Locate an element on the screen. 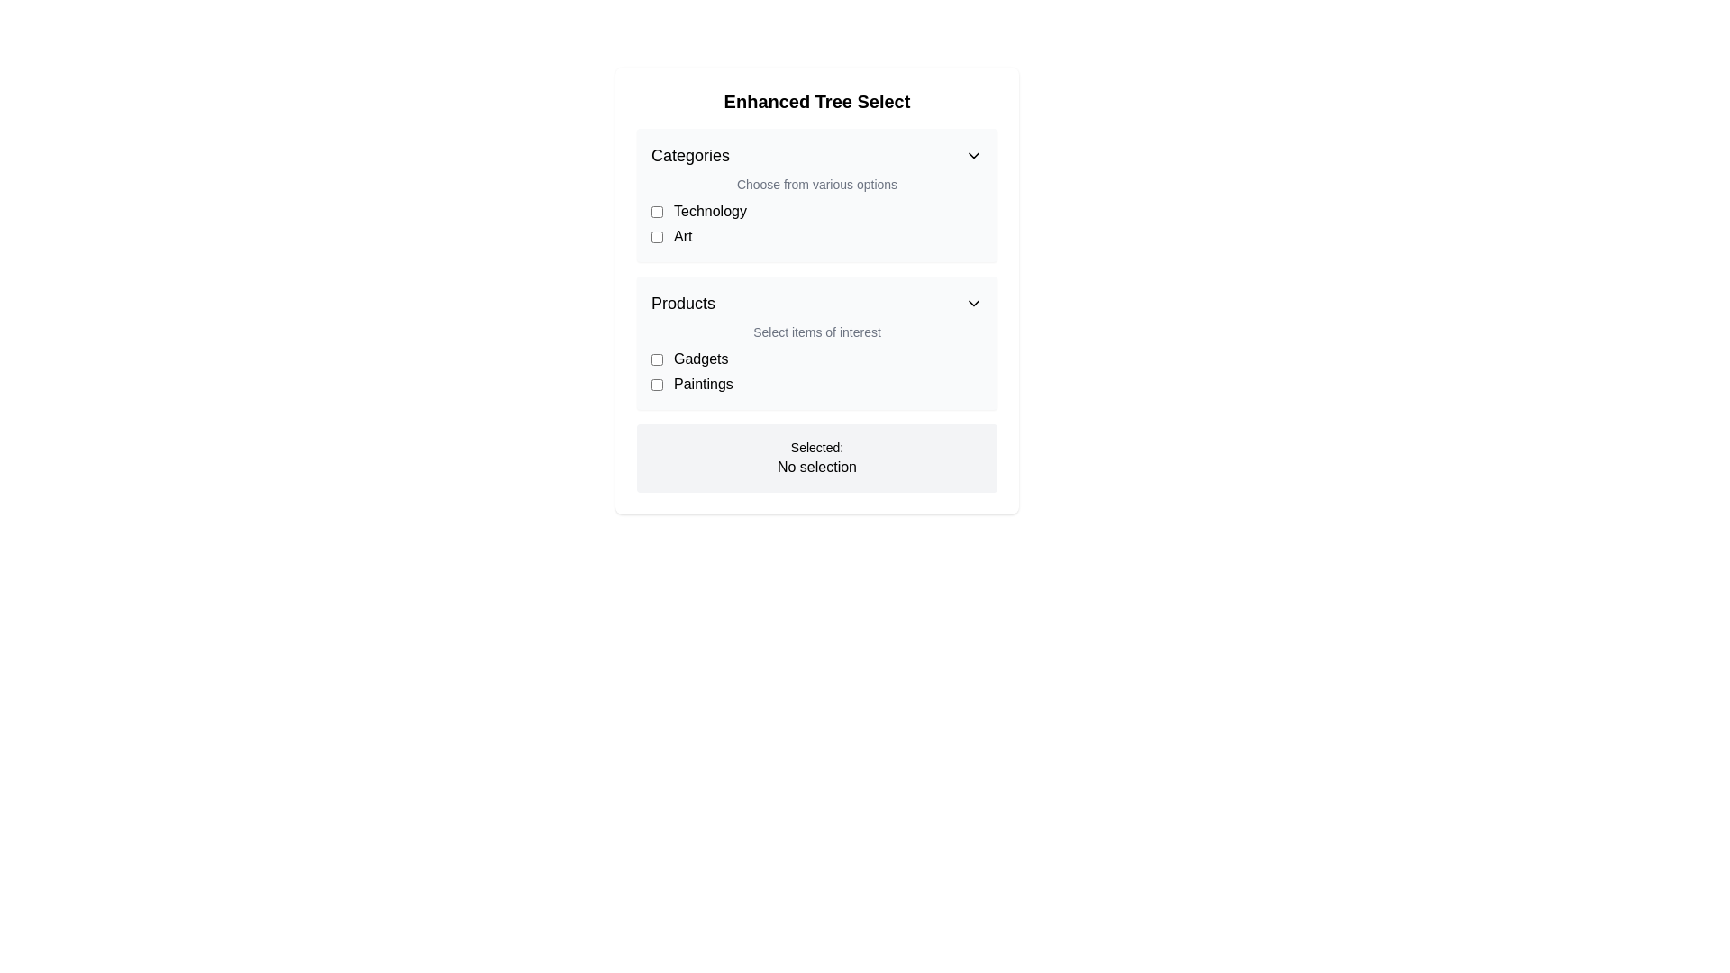 The width and height of the screenshot is (1730, 973). the gray text label reading 'Select items of interest' located beneath the 'Products' header is located at coordinates (816, 332).